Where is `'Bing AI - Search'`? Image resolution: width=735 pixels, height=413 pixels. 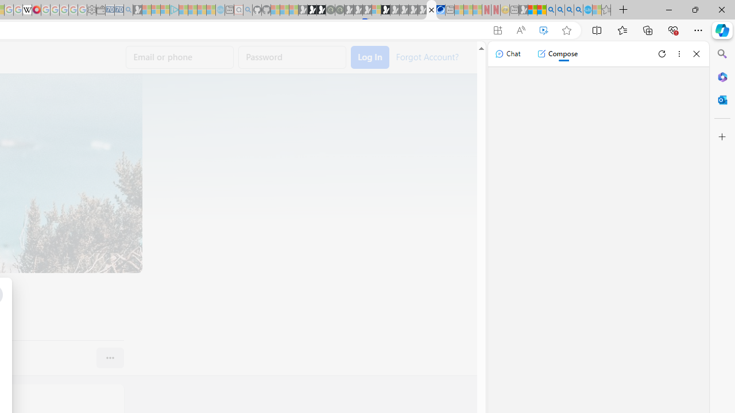
'Bing AI - Search' is located at coordinates (550, 10).